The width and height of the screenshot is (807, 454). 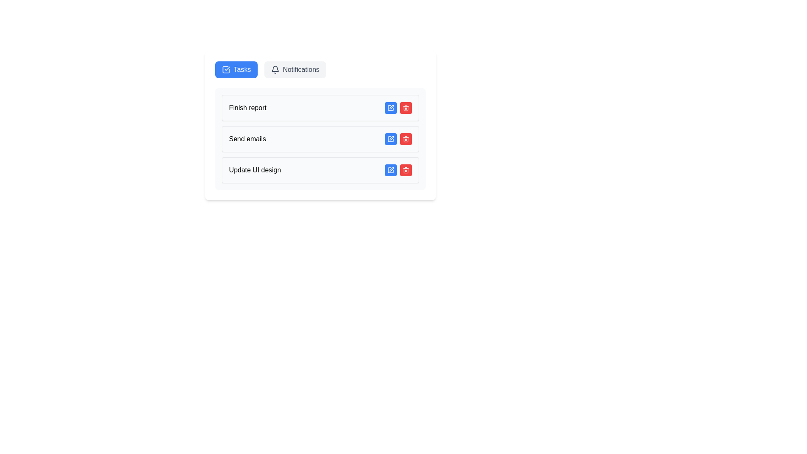 I want to click on the rounded red button with a trash icon positioned in the 'Send emails' group, which is the second button in the group, to trigger a visual response, so click(x=406, y=139).